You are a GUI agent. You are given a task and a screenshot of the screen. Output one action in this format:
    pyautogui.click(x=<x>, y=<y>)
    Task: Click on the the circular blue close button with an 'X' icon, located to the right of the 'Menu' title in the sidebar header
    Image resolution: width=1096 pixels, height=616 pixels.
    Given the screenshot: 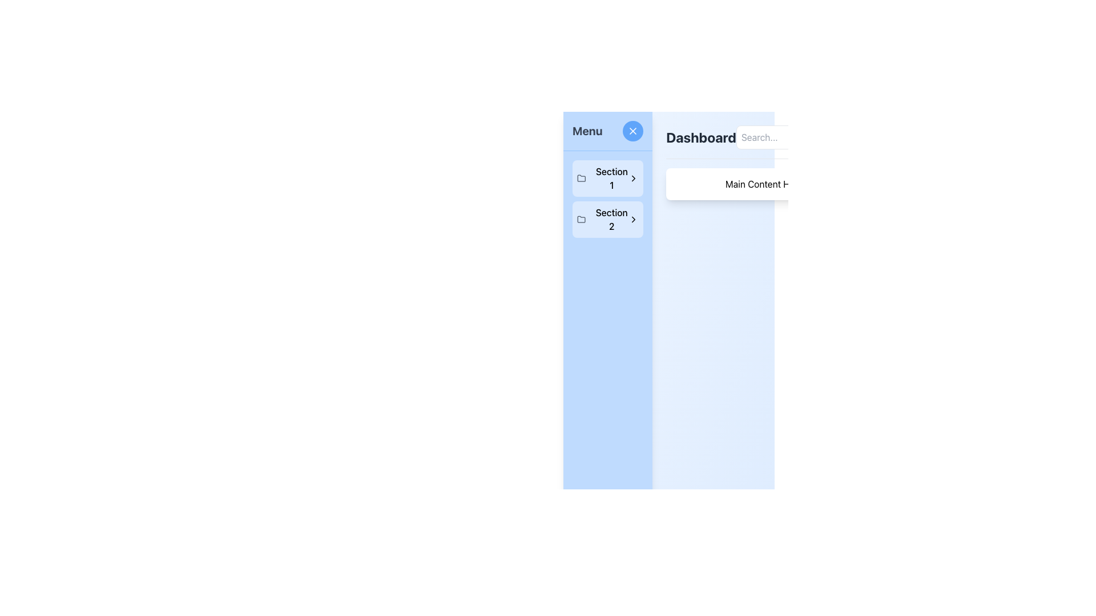 What is the action you would take?
    pyautogui.click(x=632, y=131)
    